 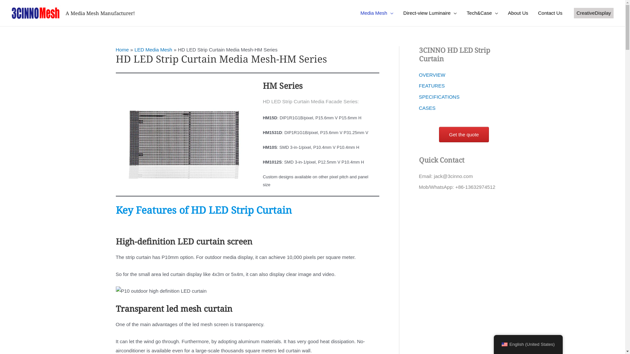 I want to click on 'Tech&Case', so click(x=482, y=13).